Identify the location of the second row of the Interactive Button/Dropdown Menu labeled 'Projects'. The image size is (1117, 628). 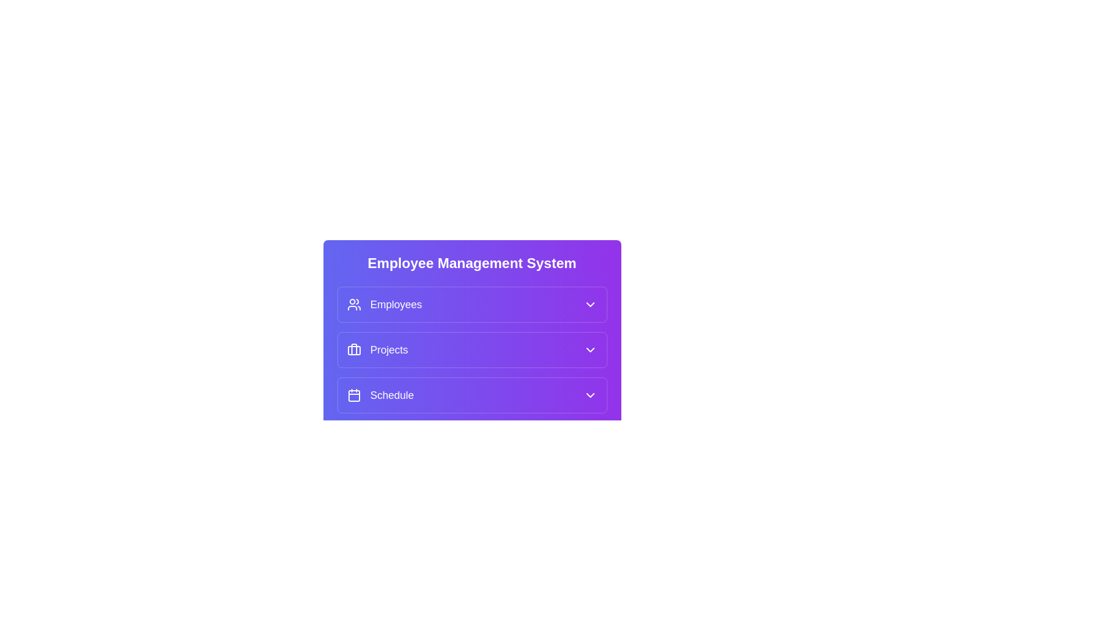
(472, 356).